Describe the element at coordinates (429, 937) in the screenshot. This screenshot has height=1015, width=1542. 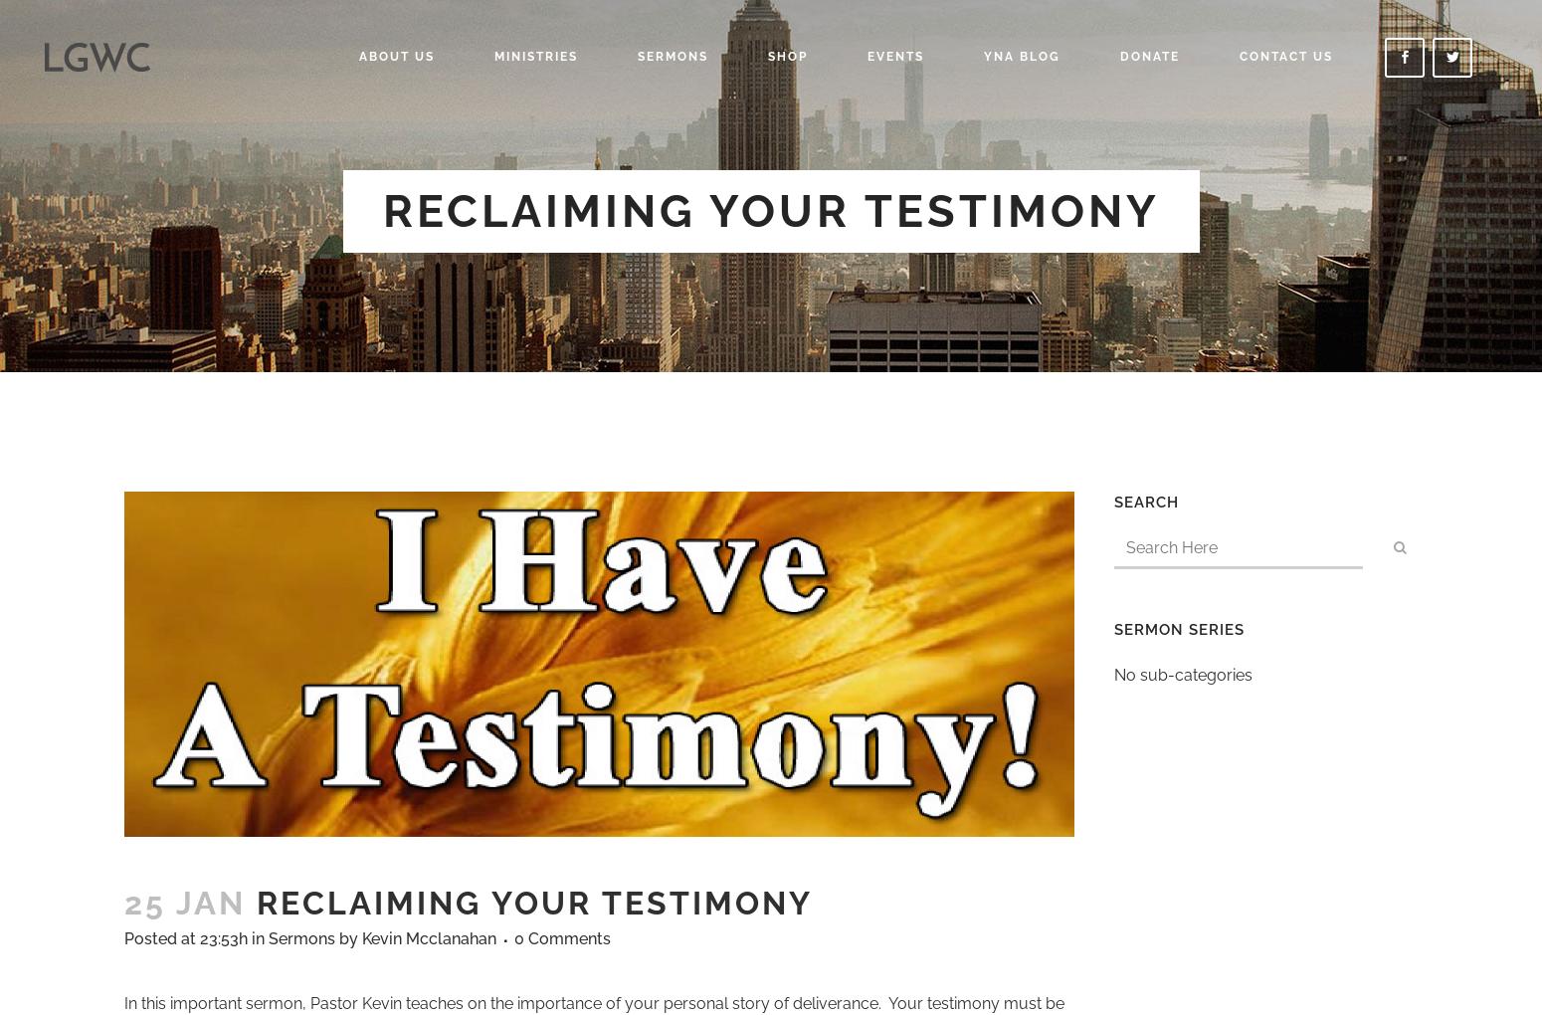
I see `'Kevin Mcclanahan'` at that location.